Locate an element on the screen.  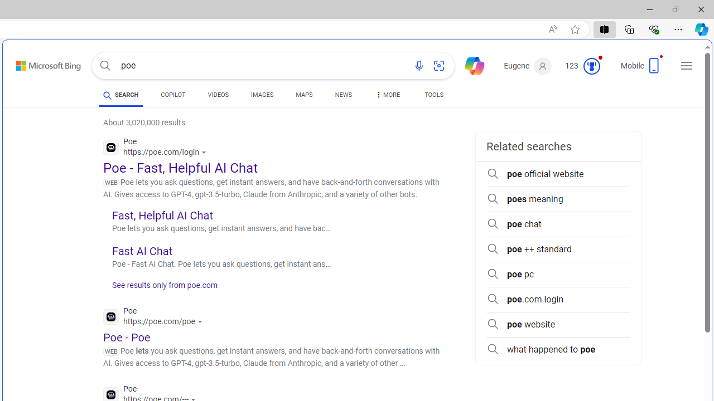
'NEWS' is located at coordinates (342, 96).